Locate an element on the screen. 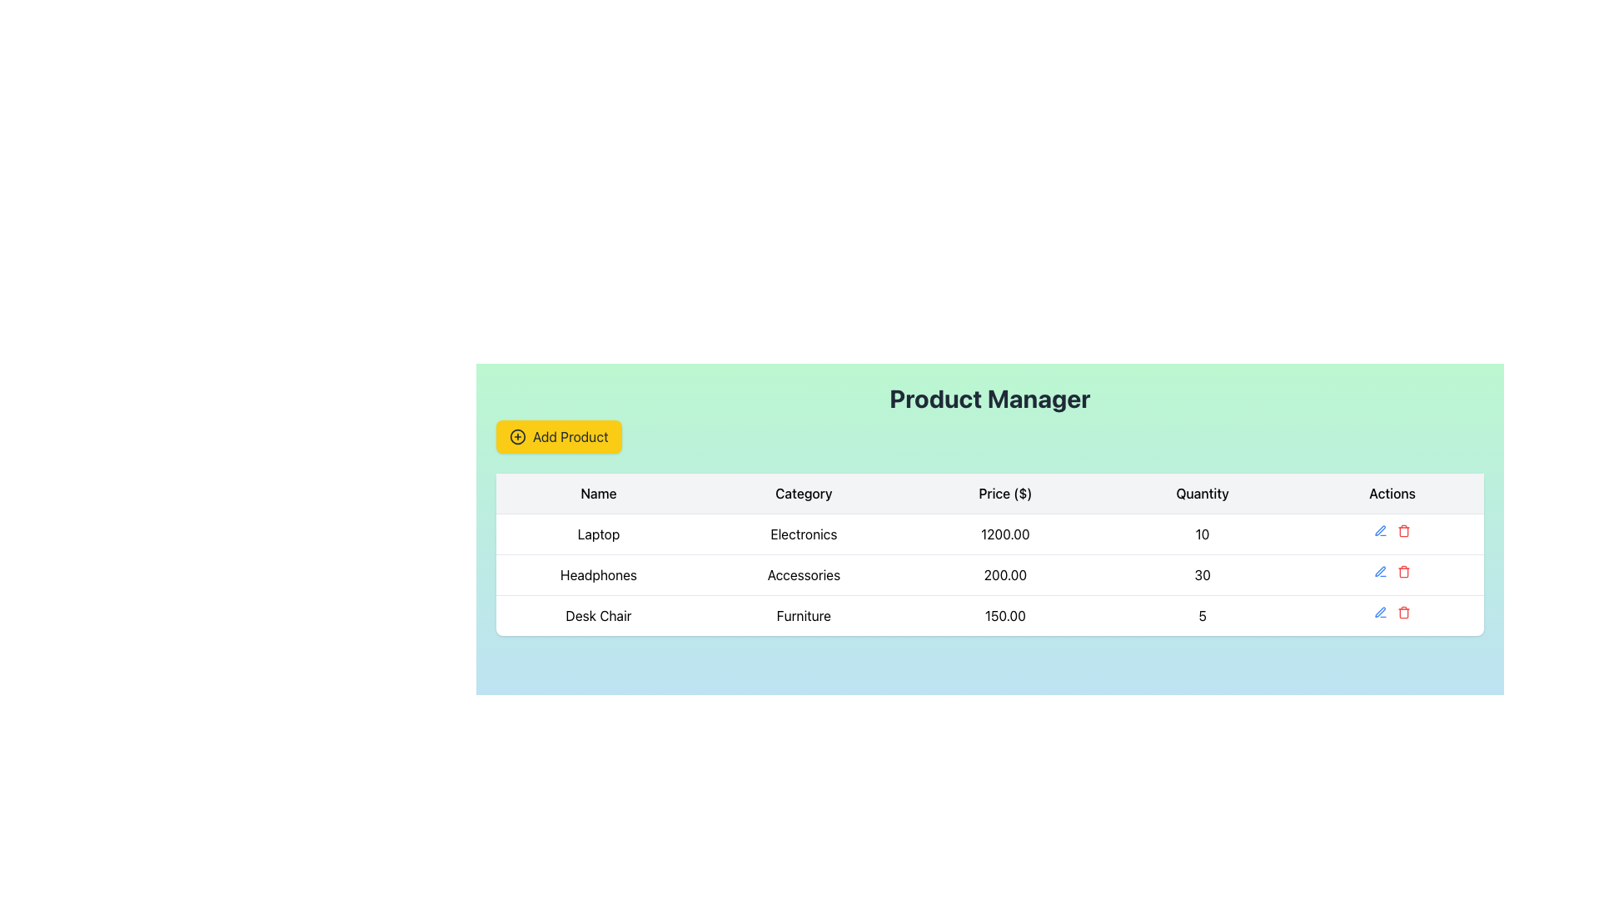 Image resolution: width=1599 pixels, height=899 pixels. the third row of the table under the 'Product Manager' heading that displays details for 'Desk Chair' is located at coordinates (990, 615).